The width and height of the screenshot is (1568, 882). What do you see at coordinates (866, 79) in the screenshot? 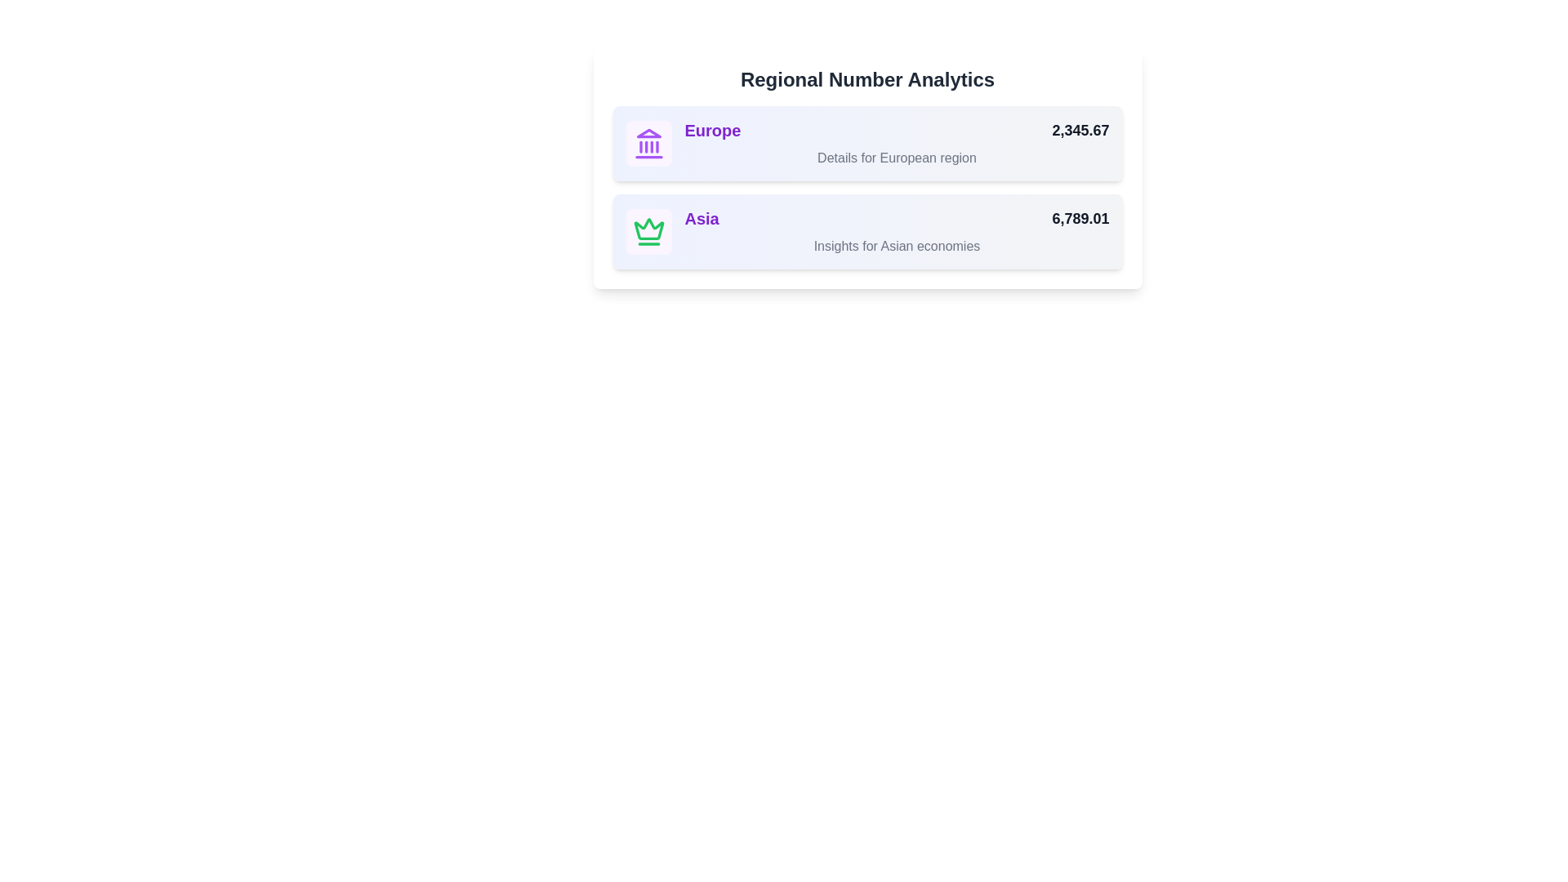
I see `the header text block that reads 'Regional Number Analytics', which is styled in a large and bold font and is centrally aligned at the top of its card-like section` at bounding box center [866, 79].